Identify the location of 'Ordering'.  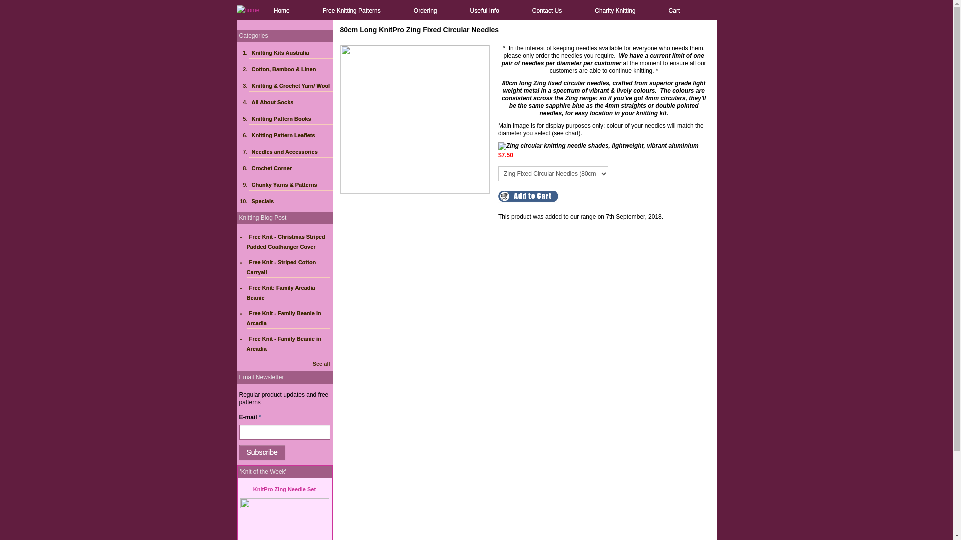
(425, 11).